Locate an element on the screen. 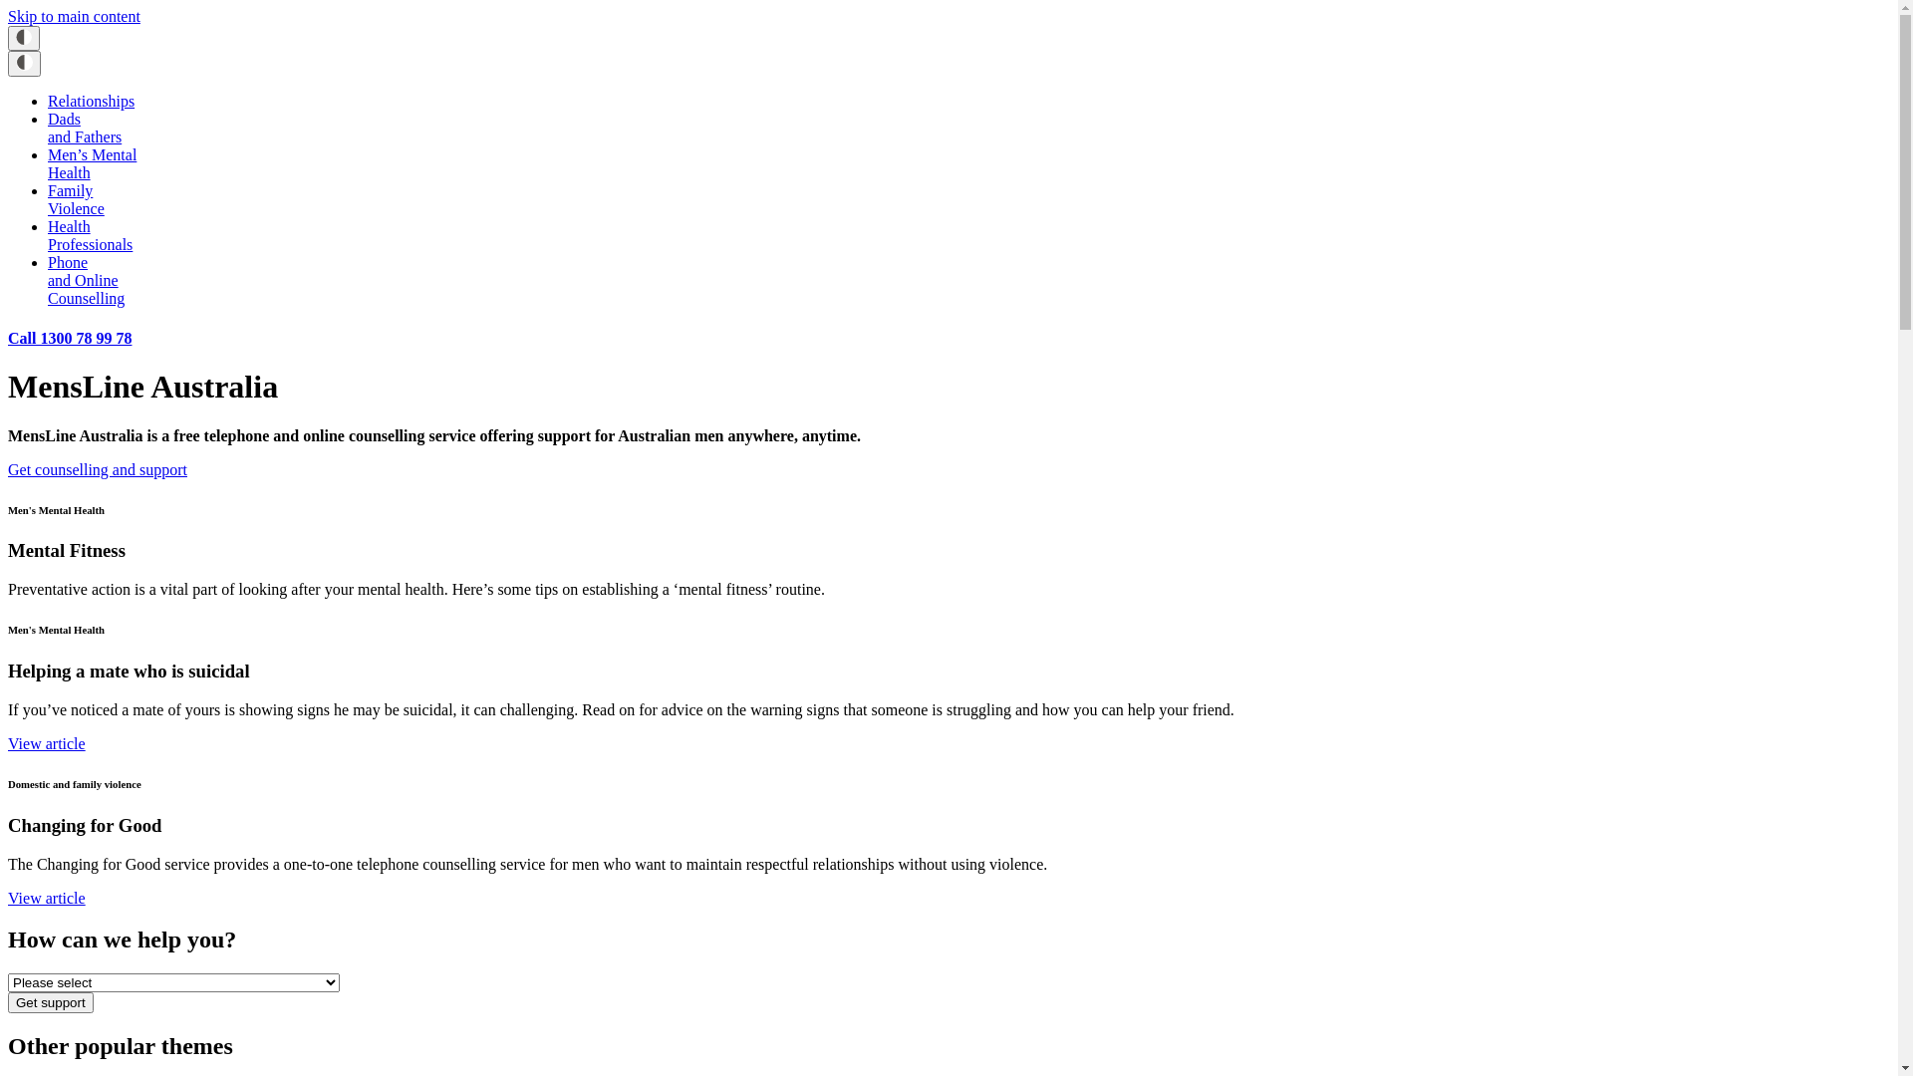 This screenshot has height=1076, width=1913. 'Skip to main content' is located at coordinates (74, 16).